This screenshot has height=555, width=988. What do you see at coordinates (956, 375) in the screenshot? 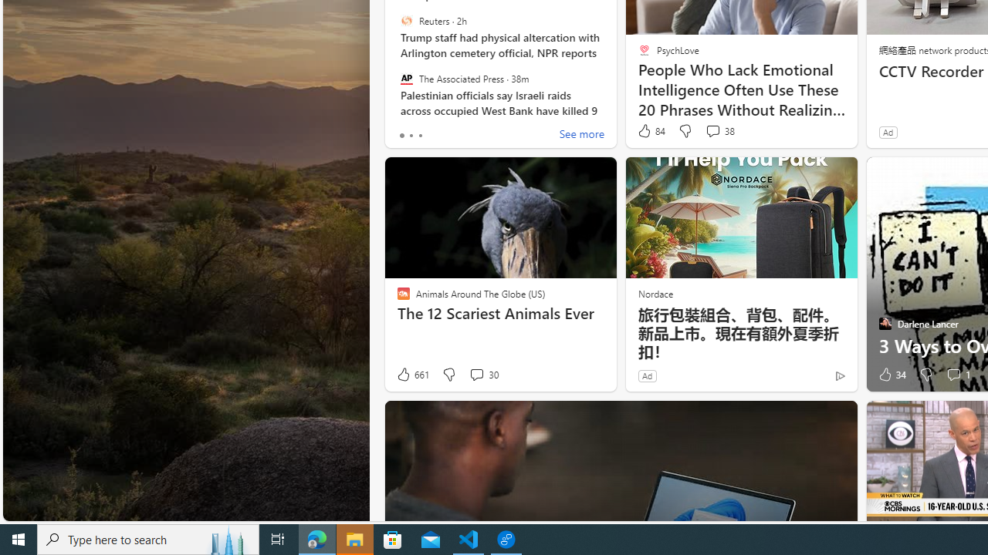
I see `'View comments 1 Comment'` at bounding box center [956, 375].